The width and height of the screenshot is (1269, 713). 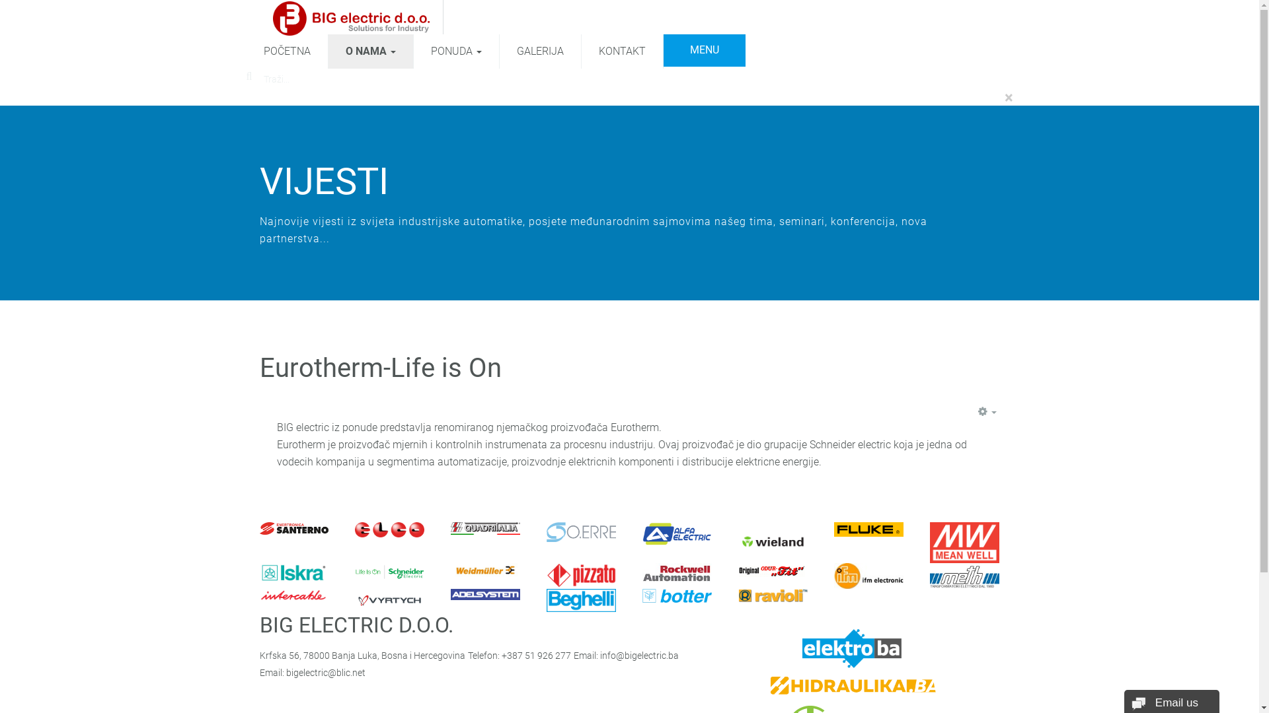 What do you see at coordinates (456, 50) in the screenshot?
I see `'PONUDA'` at bounding box center [456, 50].